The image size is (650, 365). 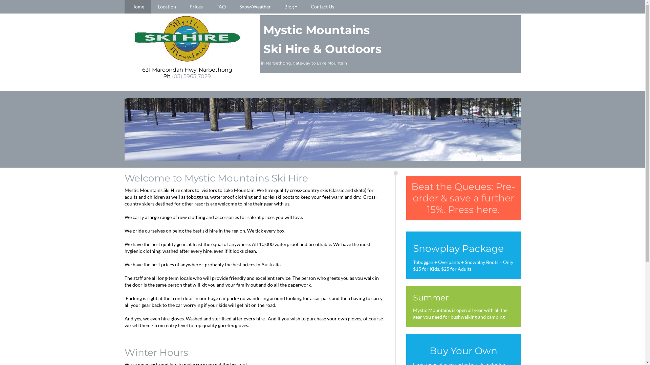 What do you see at coordinates (406, 198) in the screenshot?
I see `'Beat the Queues: Pre-order & save a further 15%. Press here.'` at bounding box center [406, 198].